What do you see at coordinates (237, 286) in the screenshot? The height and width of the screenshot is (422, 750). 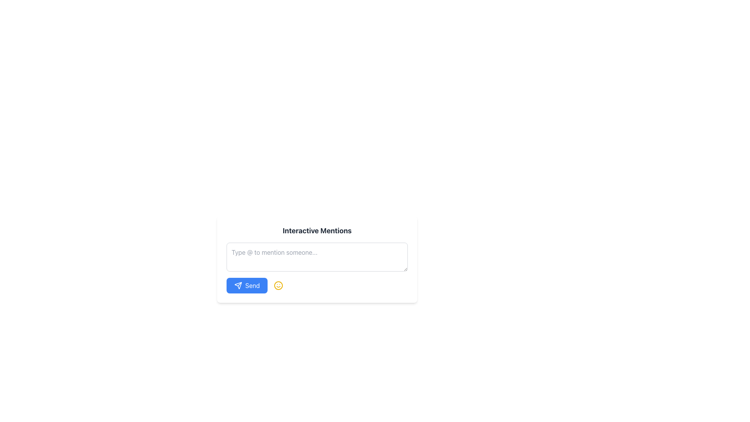 I see `the small icon resembling a stylized paper plane, which is located on the left side of the blue button labeled 'Send'` at bounding box center [237, 286].